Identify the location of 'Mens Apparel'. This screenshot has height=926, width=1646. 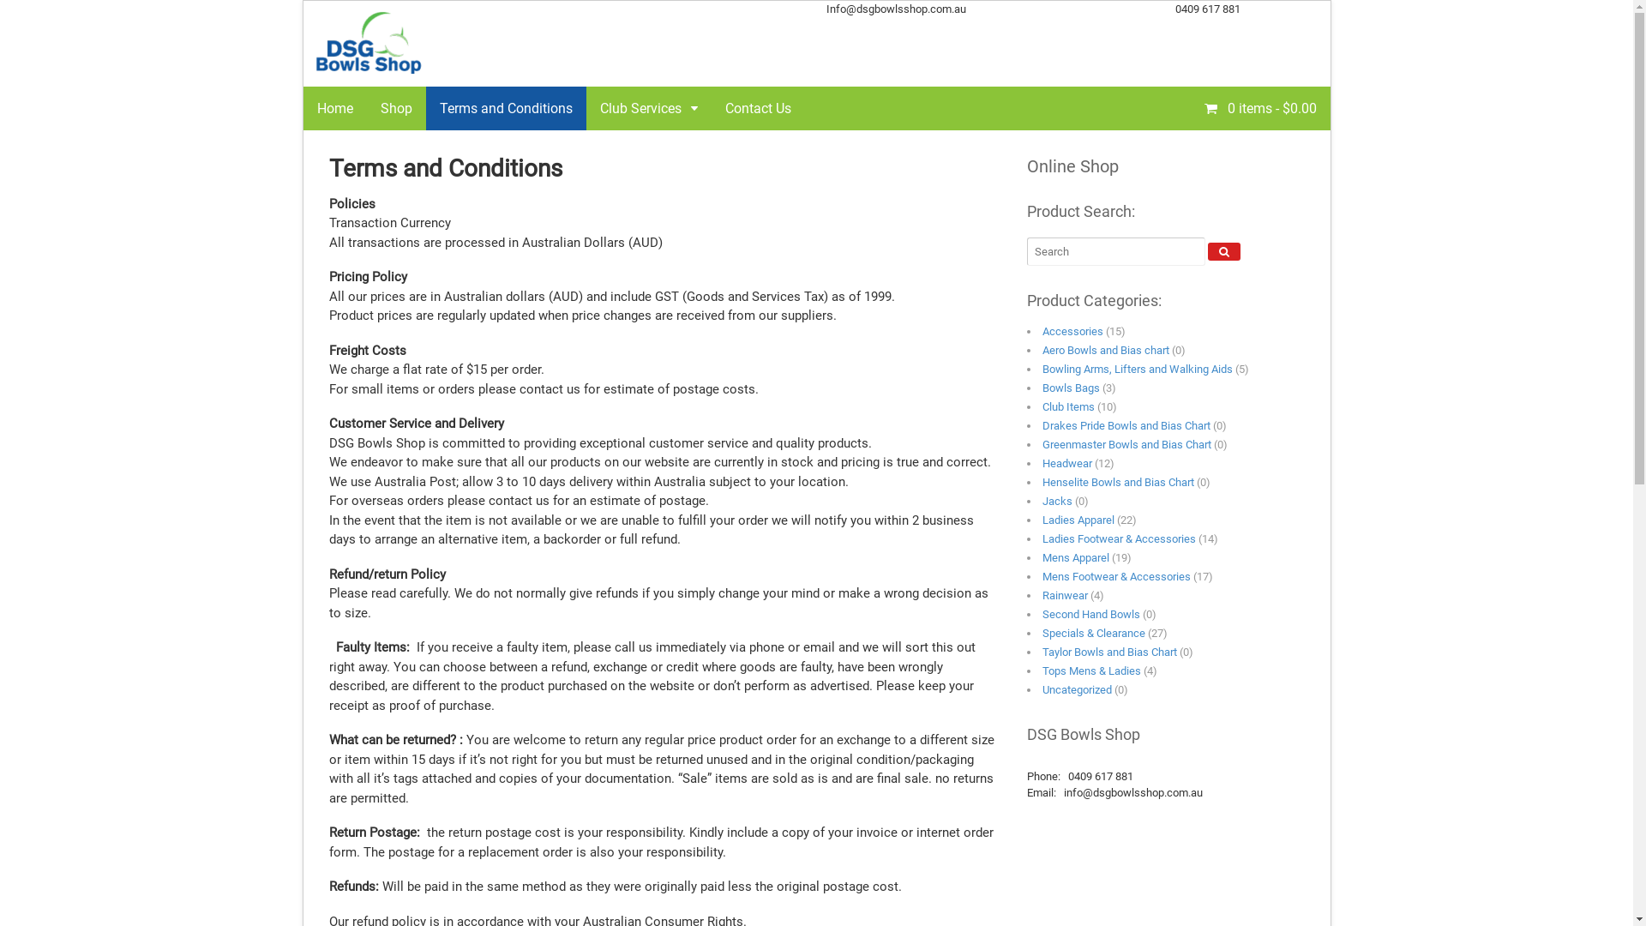
(1074, 557).